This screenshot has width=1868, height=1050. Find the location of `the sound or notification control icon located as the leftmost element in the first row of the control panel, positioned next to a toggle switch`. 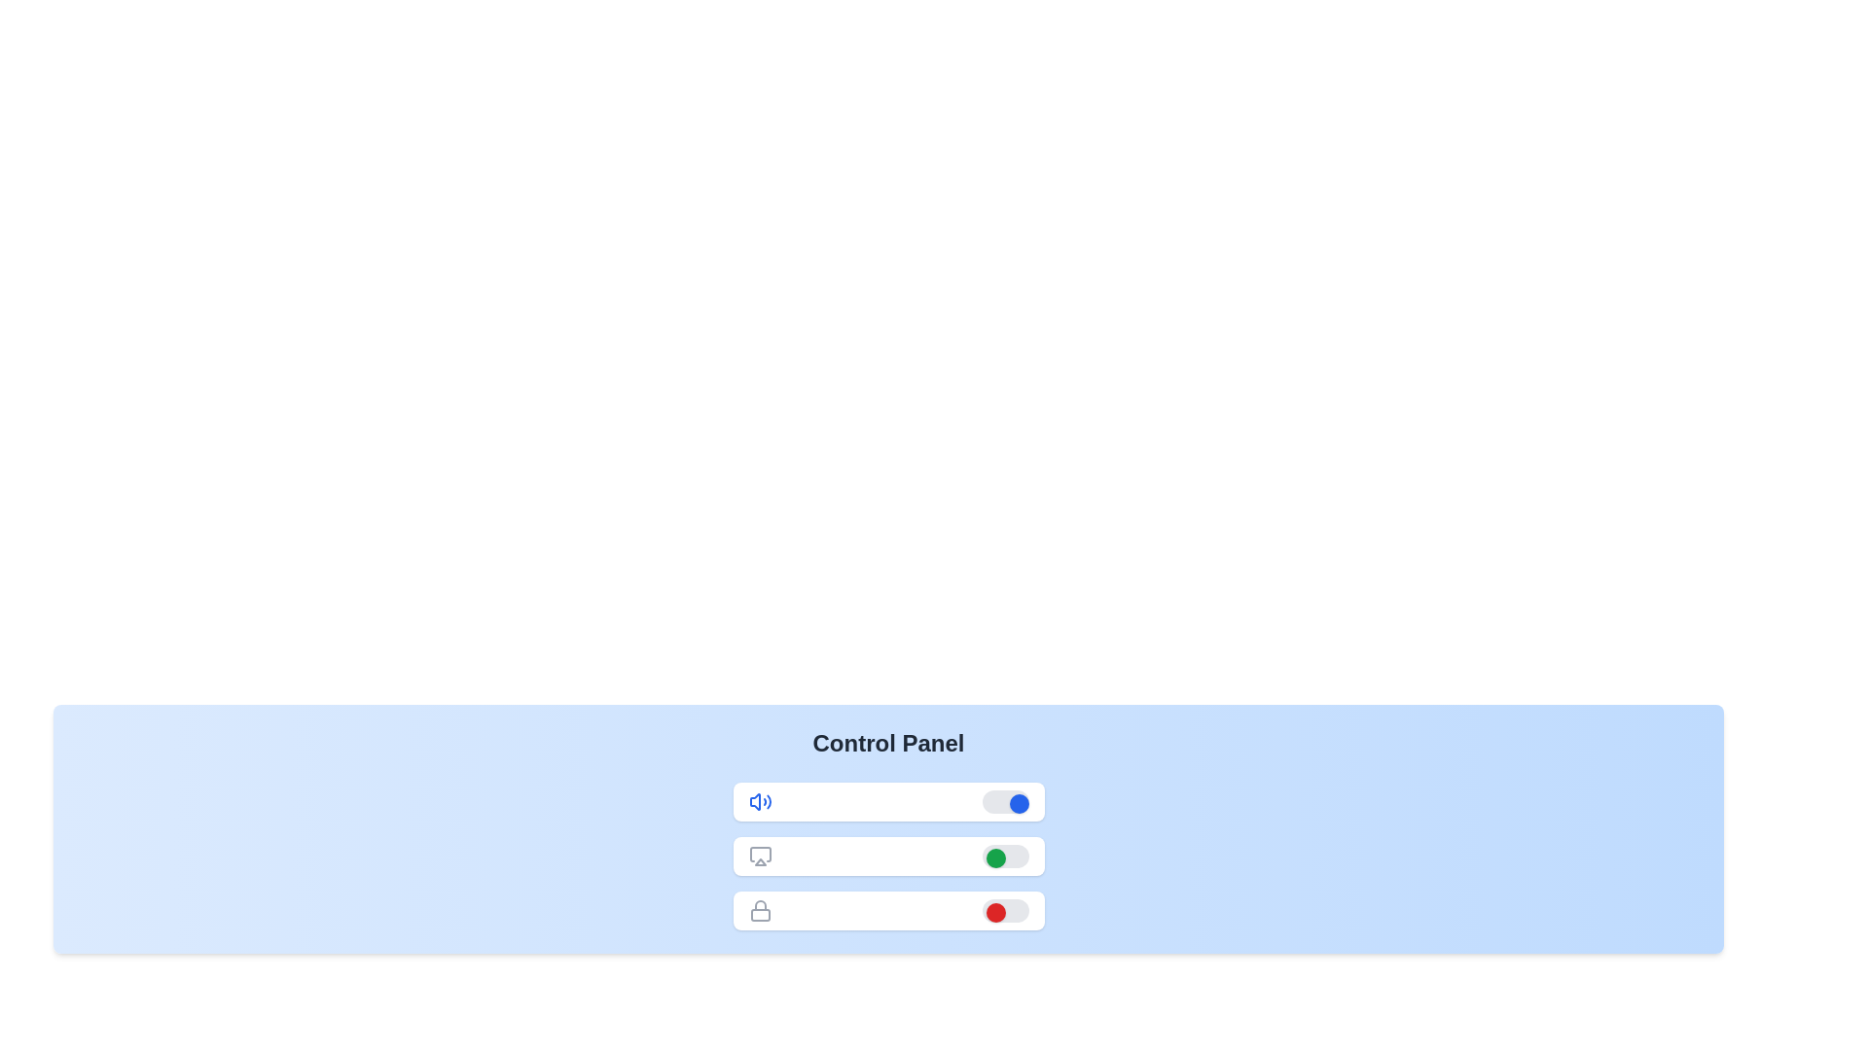

the sound or notification control icon located as the leftmost element in the first row of the control panel, positioned next to a toggle switch is located at coordinates (759, 802).